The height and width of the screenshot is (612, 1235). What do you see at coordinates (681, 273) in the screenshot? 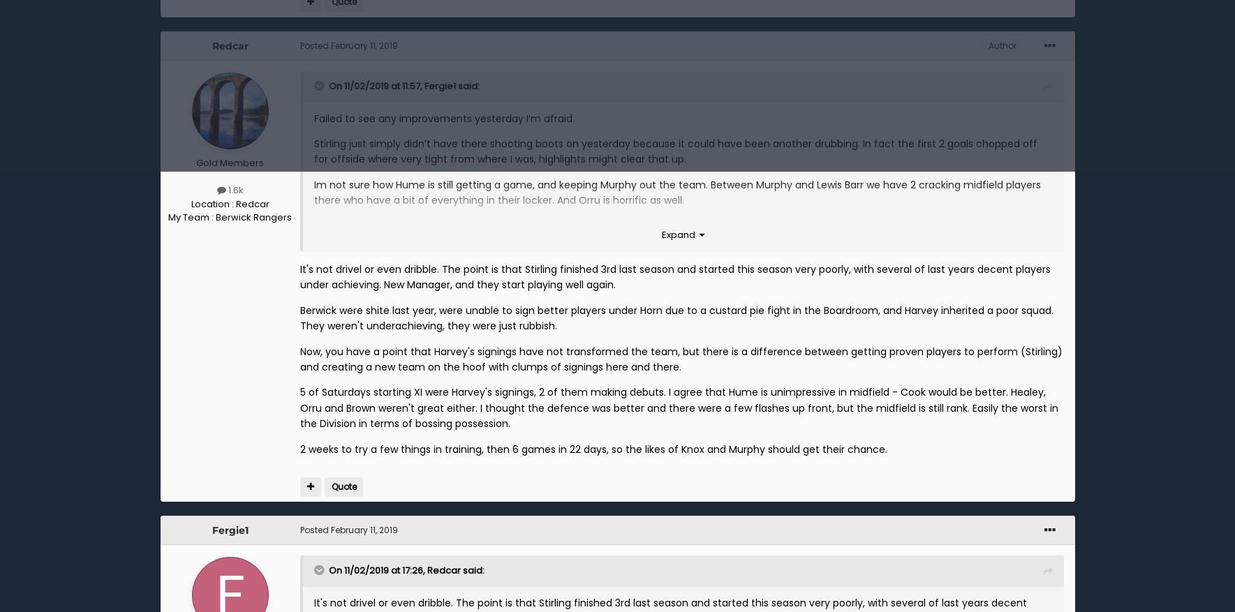
I see `'Regarding the comments in the difference between Stirling and us when managers took over, was the squads inherited. Jonny has brought in about 9 of his own players and moved on 5/6 from squad he inherited, so that is a lot of dribble.'` at bounding box center [681, 273].